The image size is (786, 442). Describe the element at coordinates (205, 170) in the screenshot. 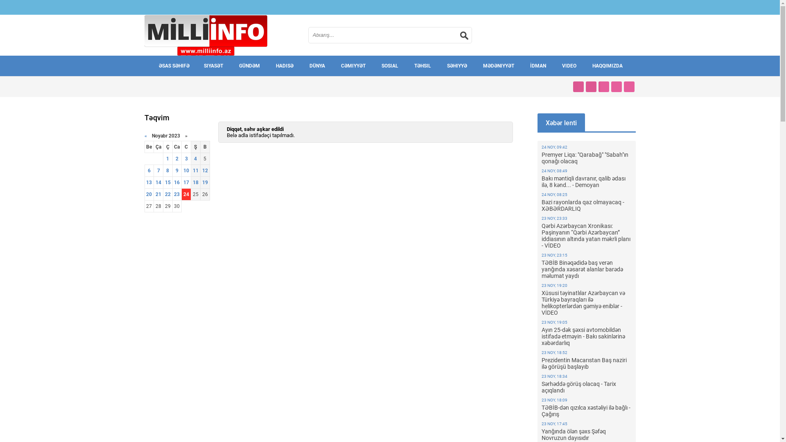

I see `'12'` at that location.